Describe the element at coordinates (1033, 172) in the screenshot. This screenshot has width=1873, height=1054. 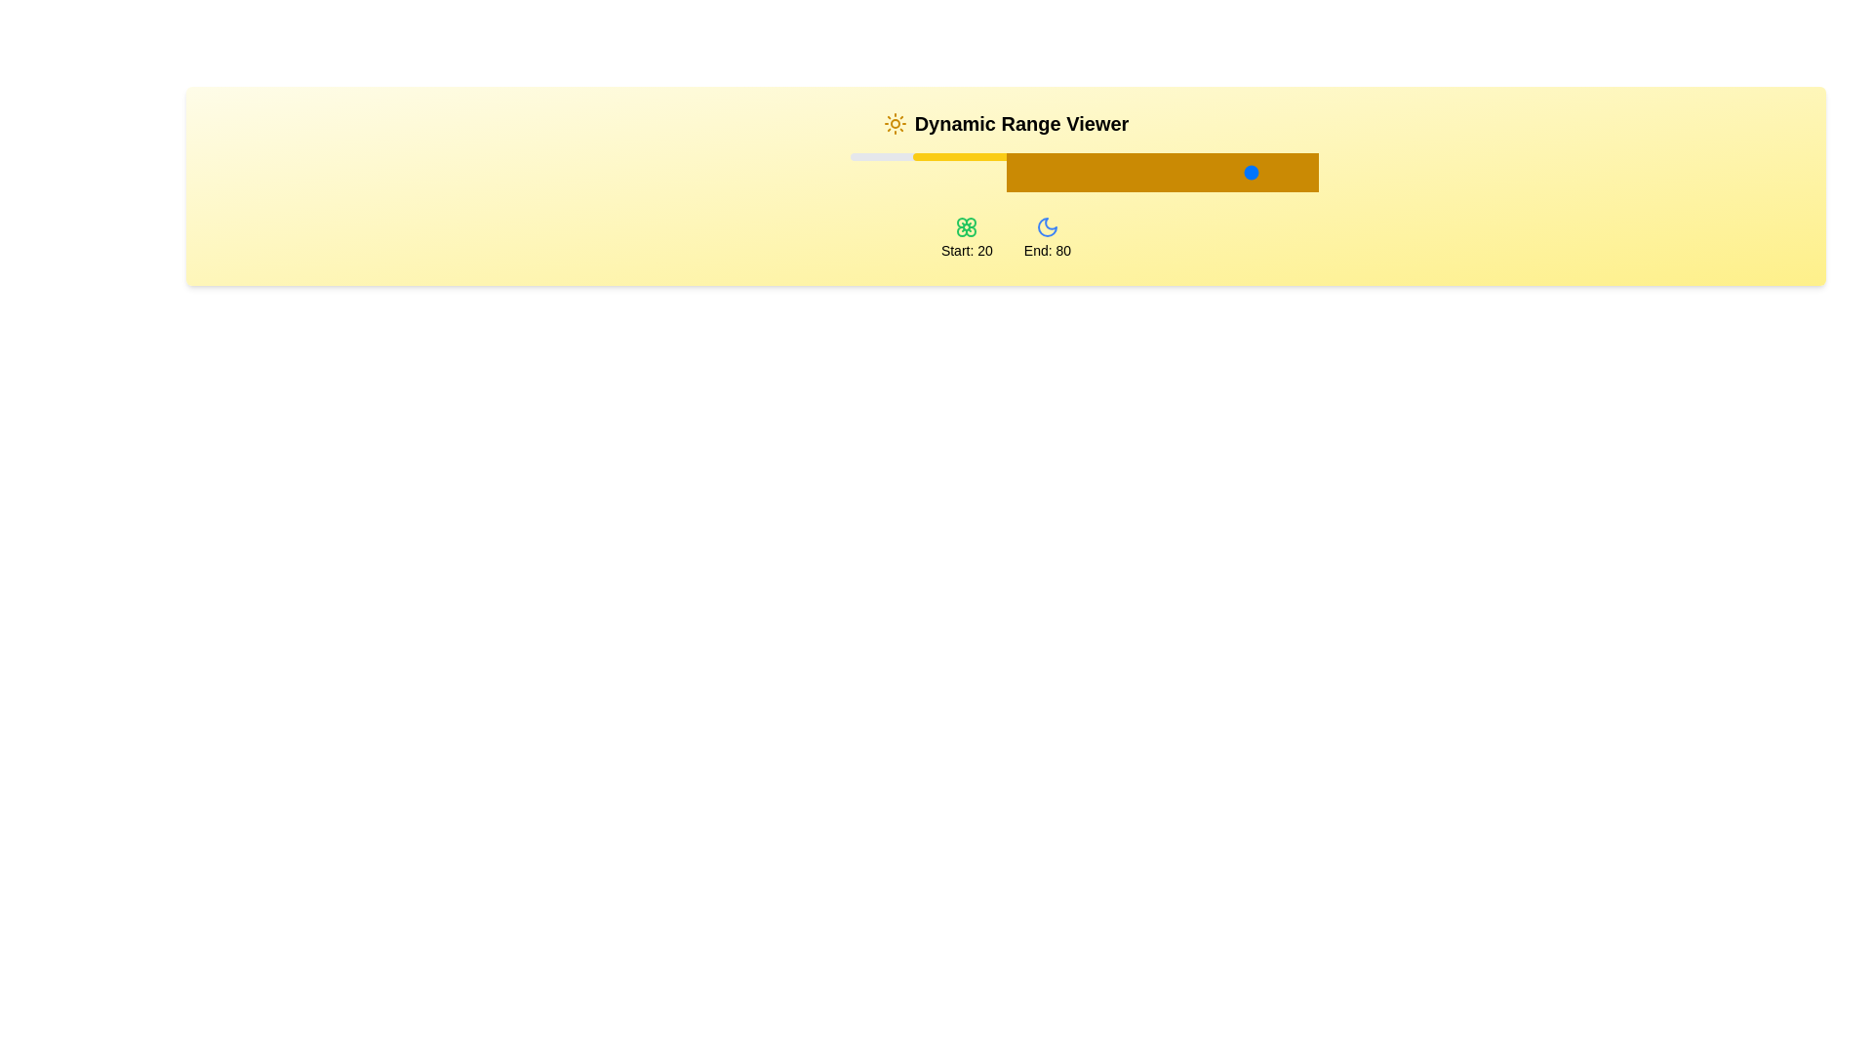
I see `the slider value` at that location.